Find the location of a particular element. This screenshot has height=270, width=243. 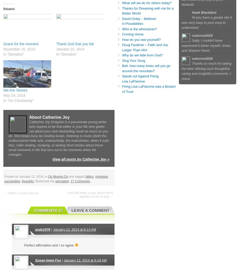

'January 12, 2014 at 6:18 AM' is located at coordinates (85, 260).